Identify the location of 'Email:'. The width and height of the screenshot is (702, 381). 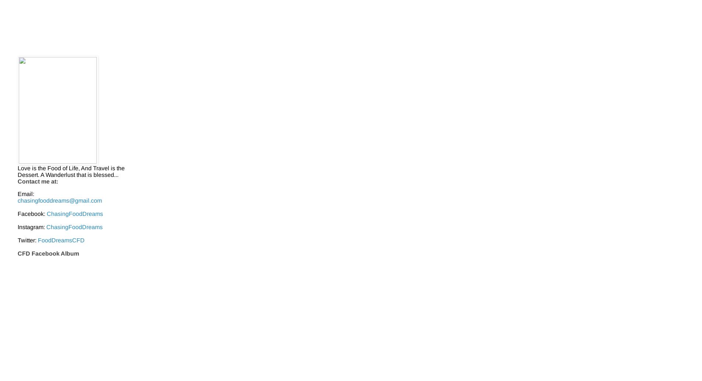
(25, 193).